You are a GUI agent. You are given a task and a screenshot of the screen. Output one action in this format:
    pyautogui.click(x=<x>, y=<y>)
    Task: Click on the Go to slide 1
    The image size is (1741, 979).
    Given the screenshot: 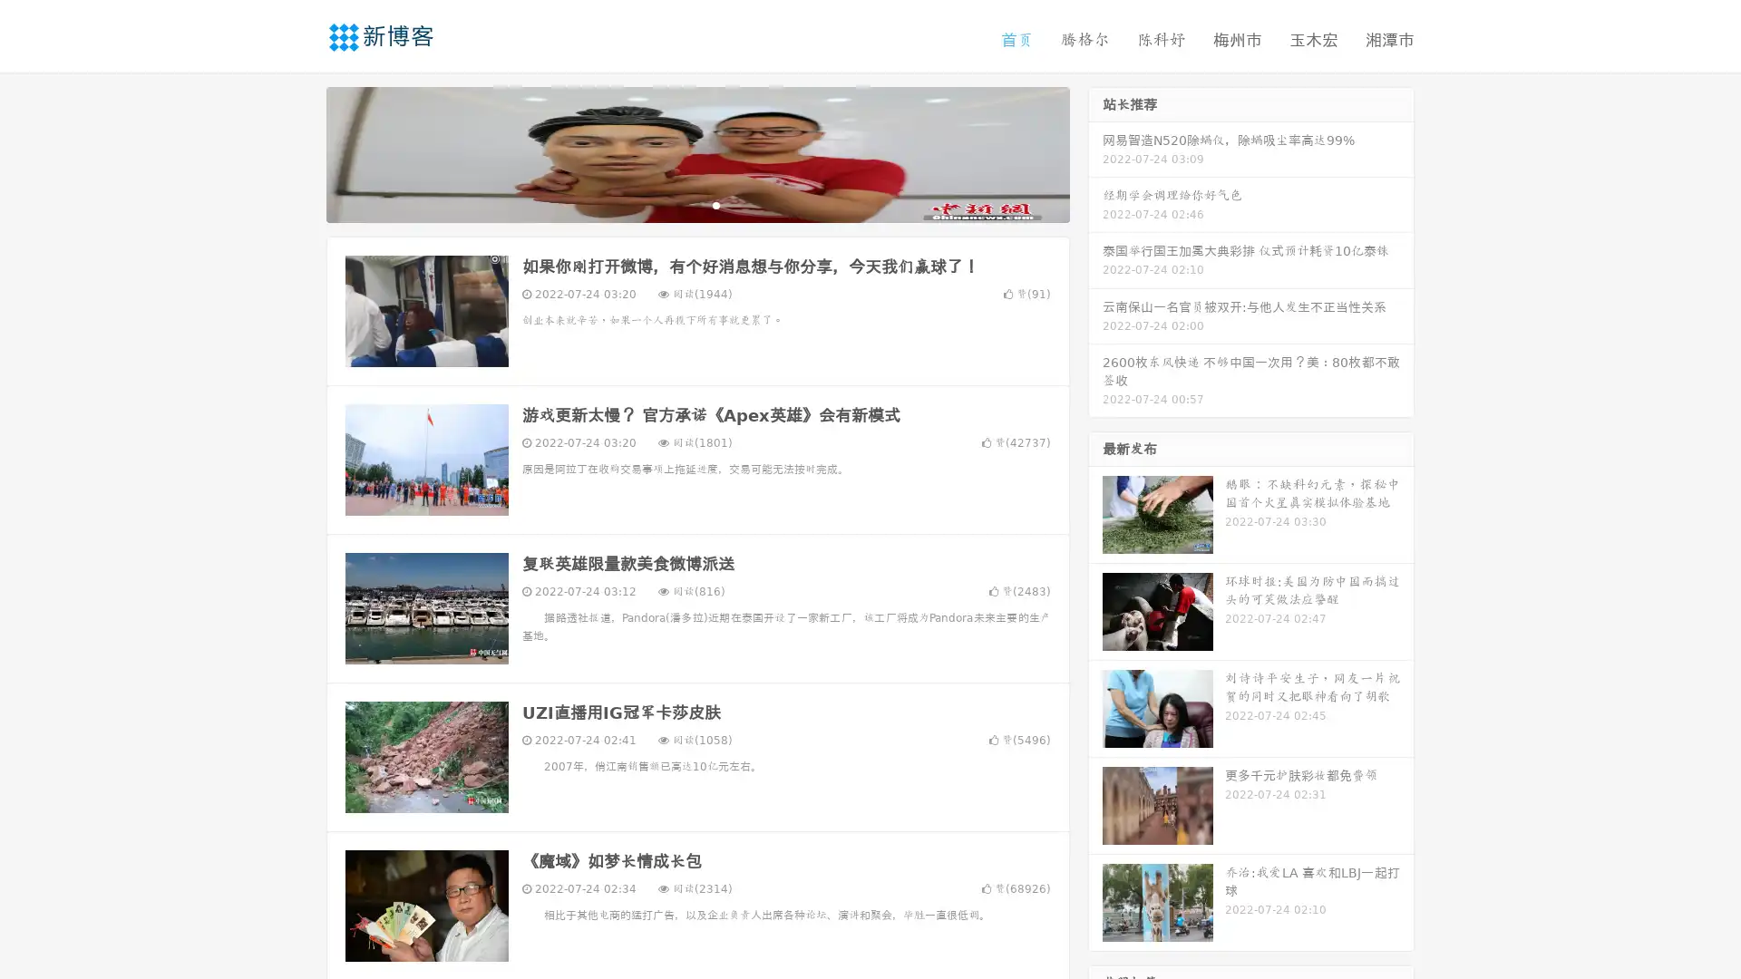 What is the action you would take?
    pyautogui.click(x=678, y=204)
    